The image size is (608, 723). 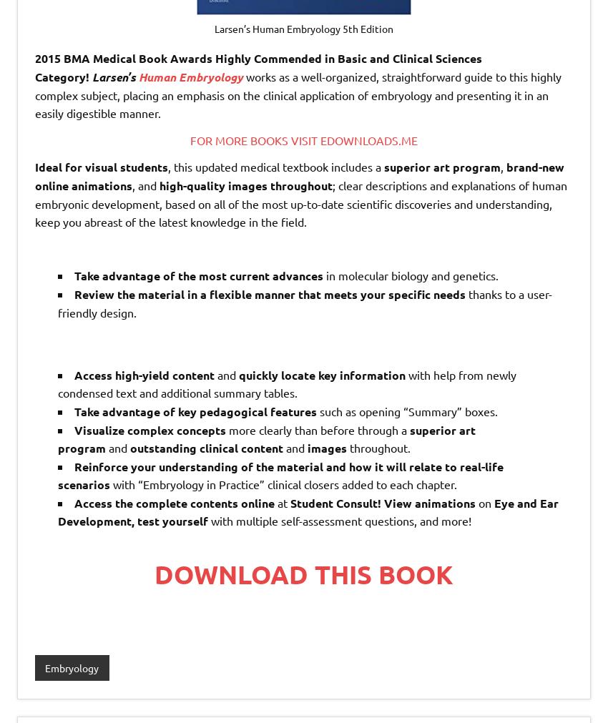 What do you see at coordinates (34, 202) in the screenshot?
I see `'; clear descriptions and explanations of human embryonic development, based on all of the most up-to-date scientific discoveries and understanding, keep you abreast of the latest knowledge in the field.'` at bounding box center [34, 202].